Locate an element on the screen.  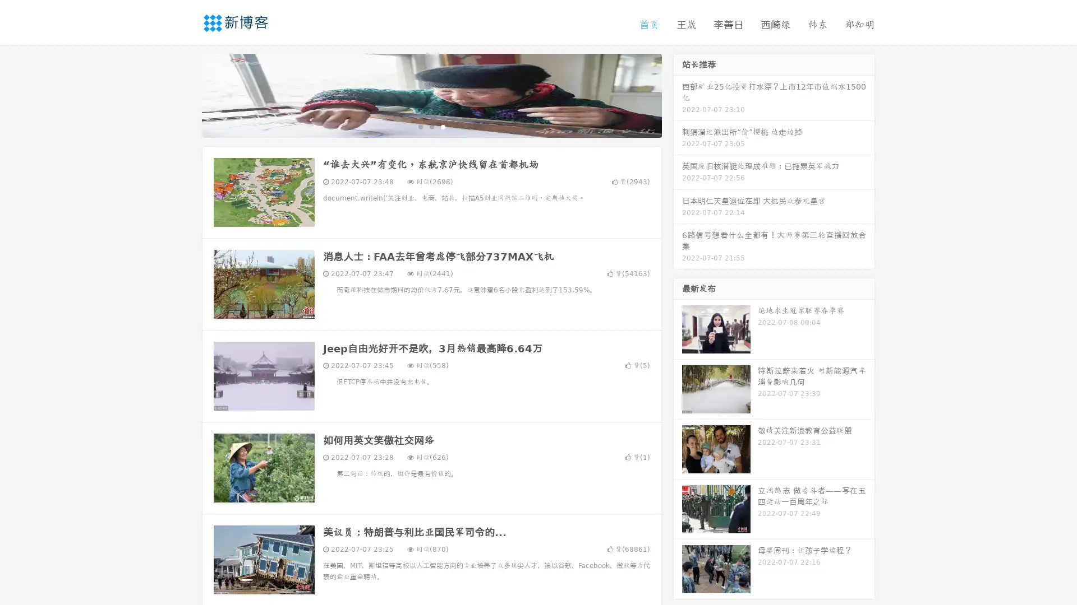
Previous slide is located at coordinates (185, 94).